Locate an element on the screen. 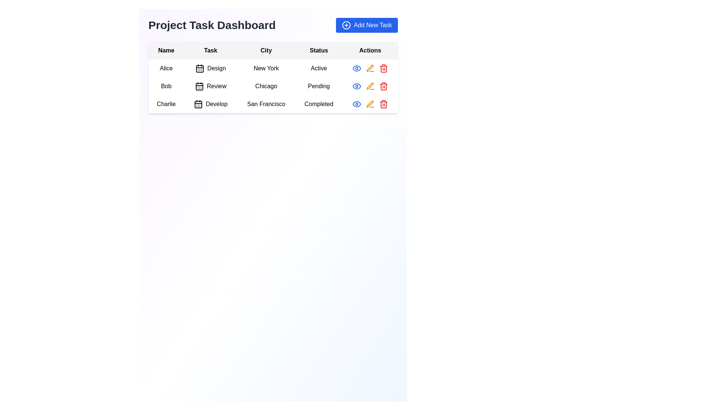  text from the label displaying 'Pending' located in the 'Status' column of the row associated with 'Bob' and 'Review' is located at coordinates (319, 86).